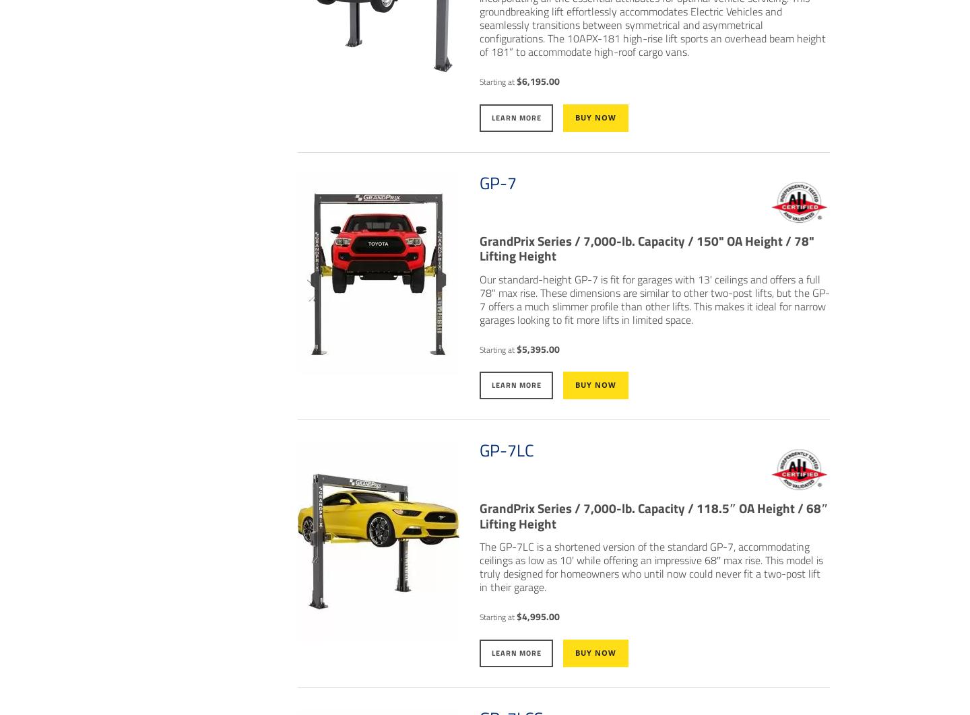 This screenshot has height=715, width=970. What do you see at coordinates (496, 182) in the screenshot?
I see `'GP-7'` at bounding box center [496, 182].